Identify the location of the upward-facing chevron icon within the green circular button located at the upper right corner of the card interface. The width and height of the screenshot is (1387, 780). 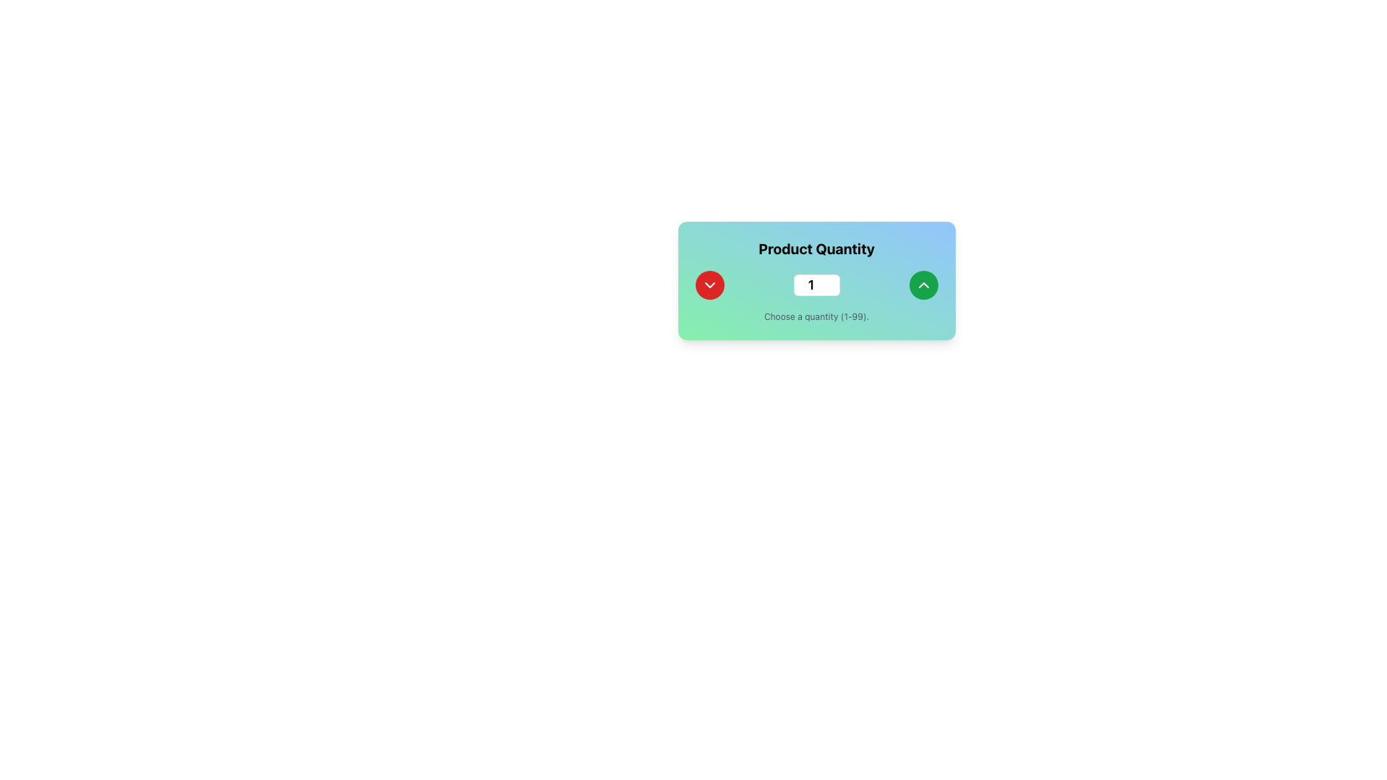
(922, 285).